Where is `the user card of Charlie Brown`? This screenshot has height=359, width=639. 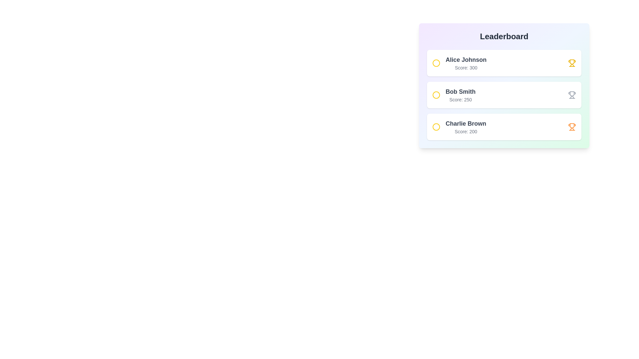
the user card of Charlie Brown is located at coordinates (504, 127).